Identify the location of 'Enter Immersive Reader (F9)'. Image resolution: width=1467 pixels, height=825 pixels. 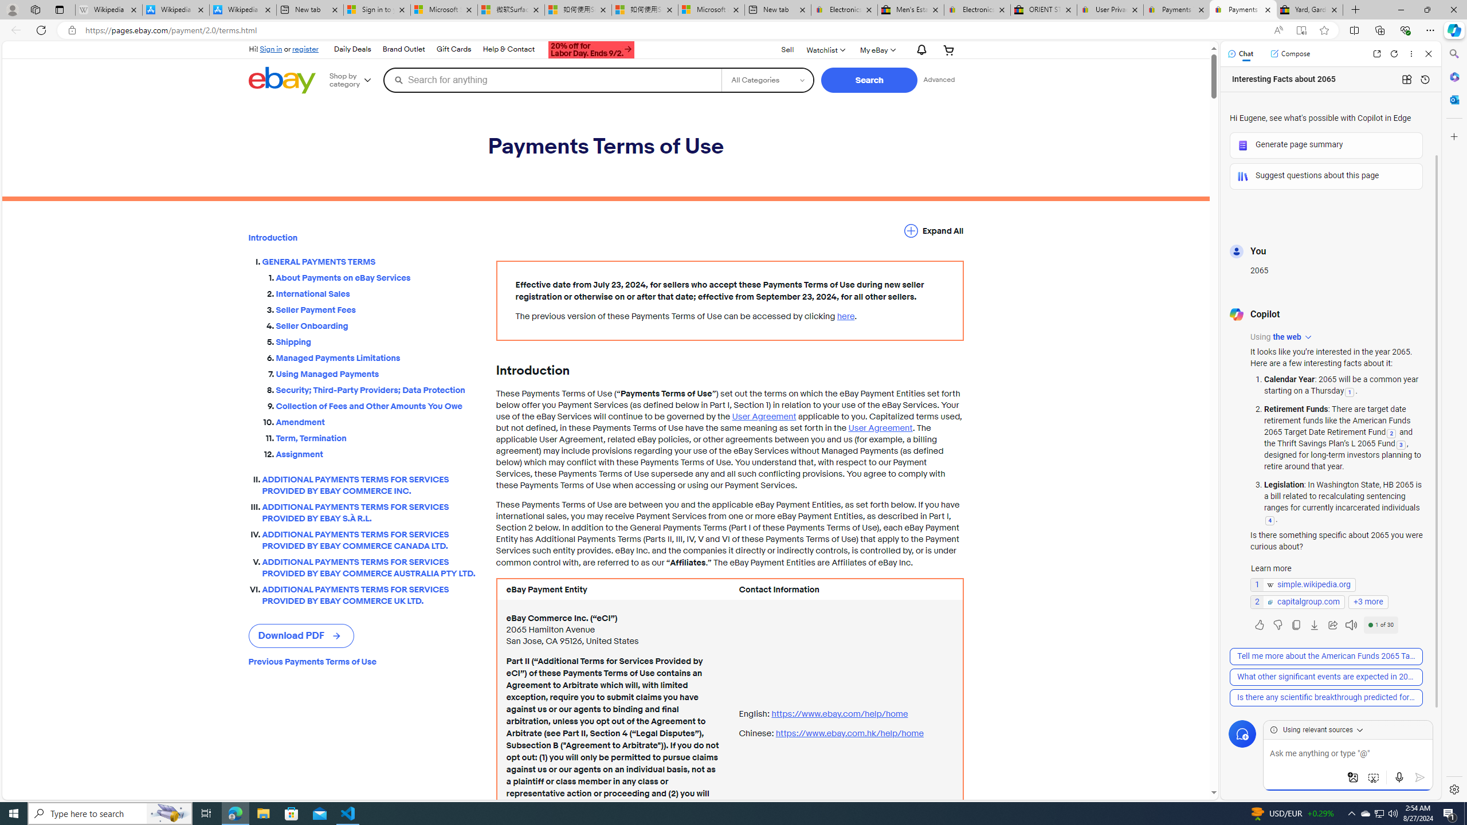
(1301, 30).